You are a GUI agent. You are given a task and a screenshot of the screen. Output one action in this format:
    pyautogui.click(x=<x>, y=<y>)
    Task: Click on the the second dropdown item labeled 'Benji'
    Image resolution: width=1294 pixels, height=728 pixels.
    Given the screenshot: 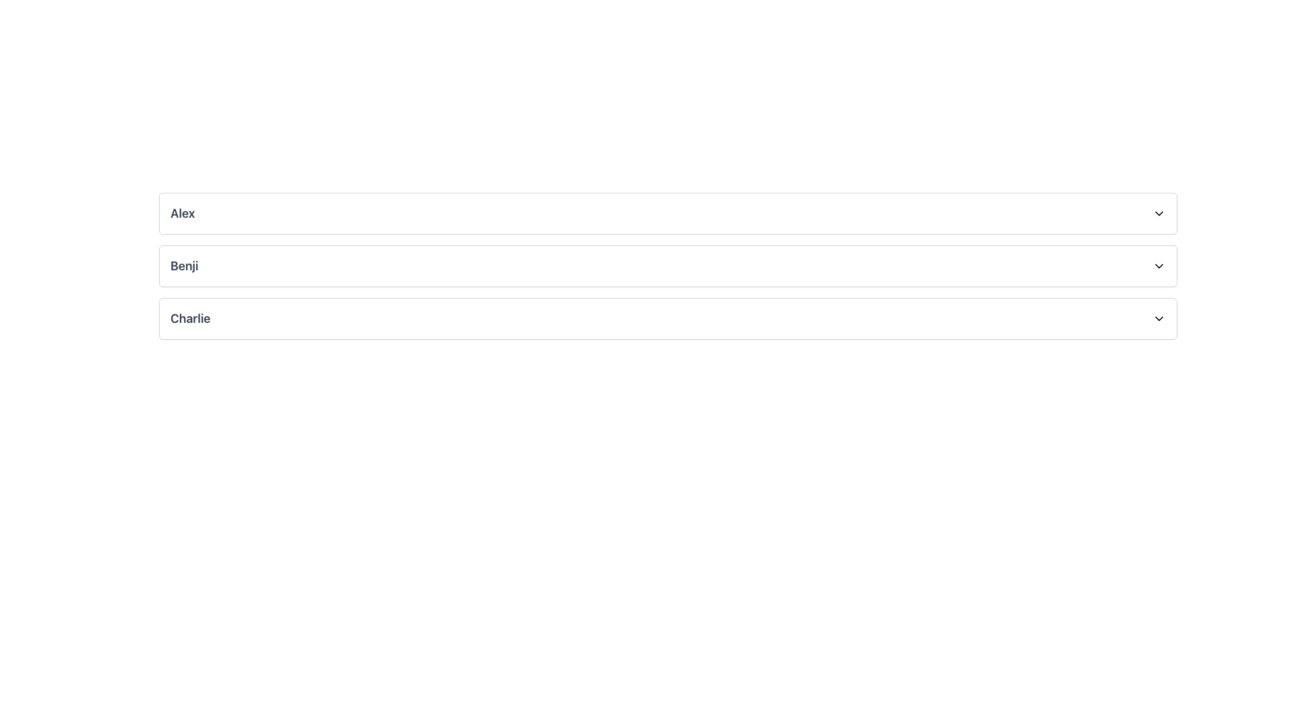 What is the action you would take?
    pyautogui.click(x=668, y=266)
    